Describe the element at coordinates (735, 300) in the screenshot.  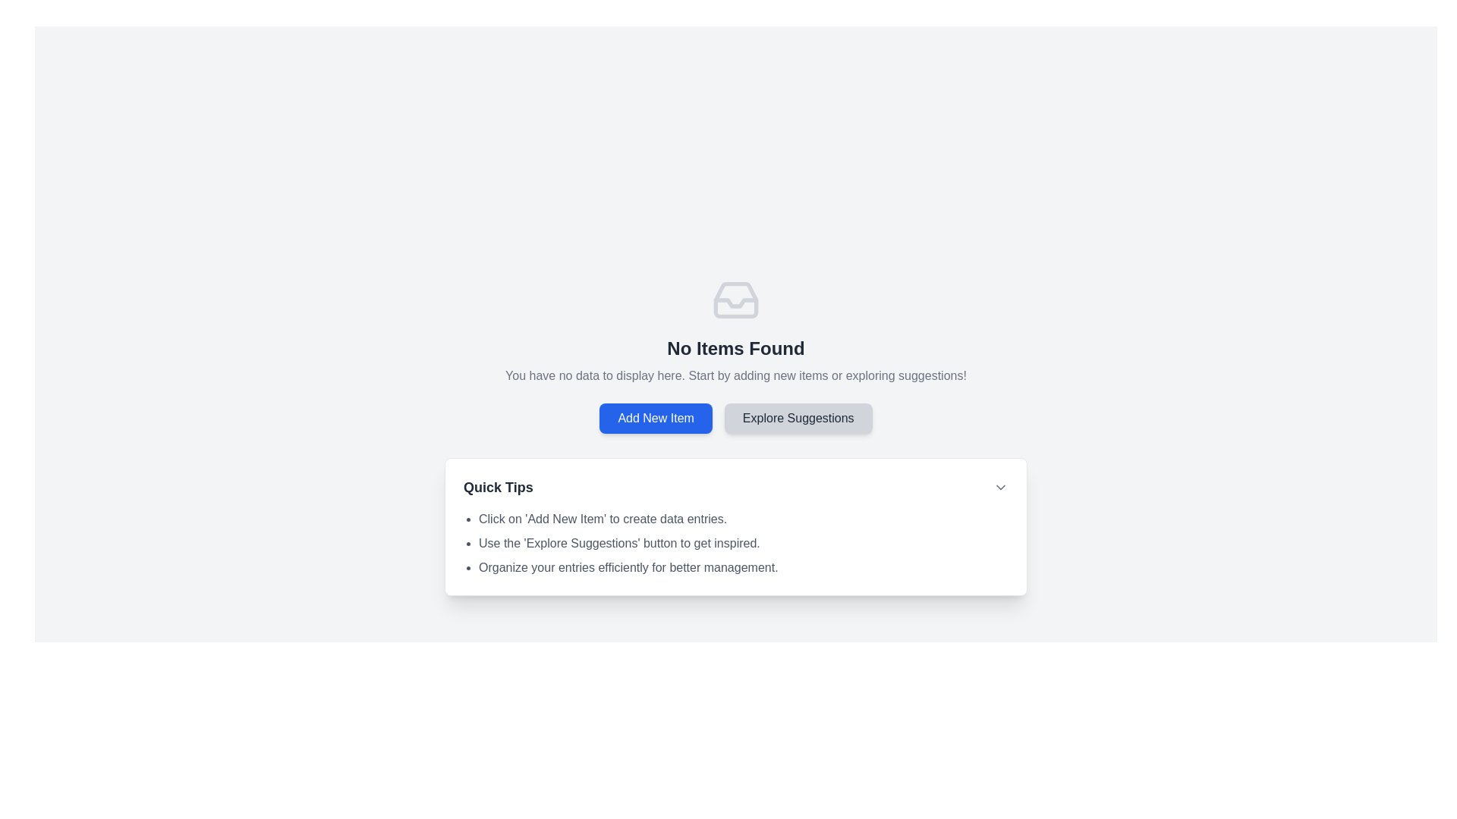
I see `the inbox icon that is centrally located above the 'No Items Found' message, which is styled with a faint gray color and rounded edges` at that location.